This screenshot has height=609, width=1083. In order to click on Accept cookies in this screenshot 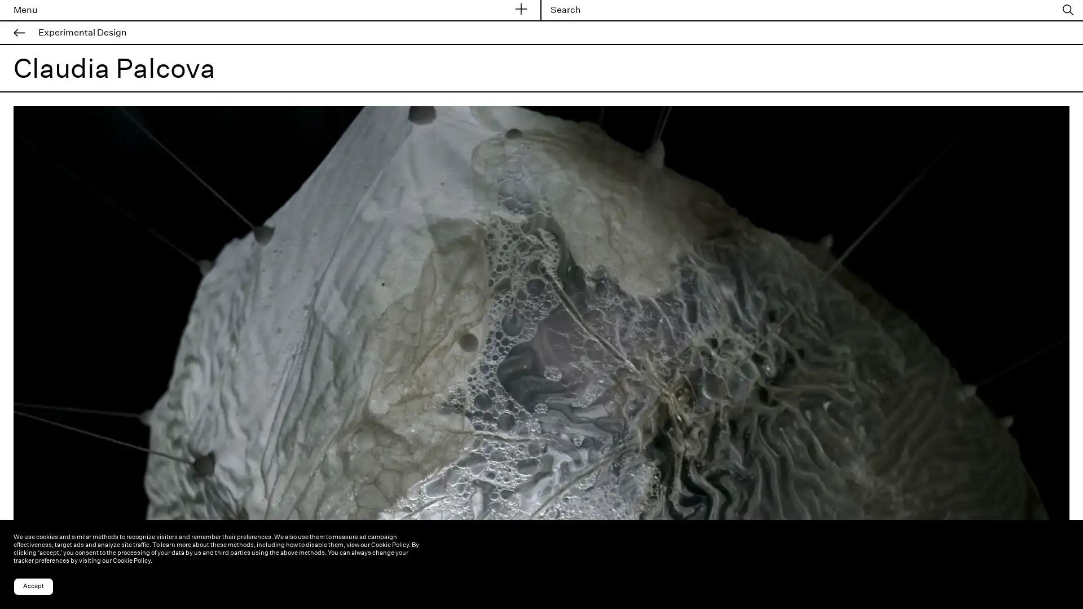, I will do `click(33, 586)`.